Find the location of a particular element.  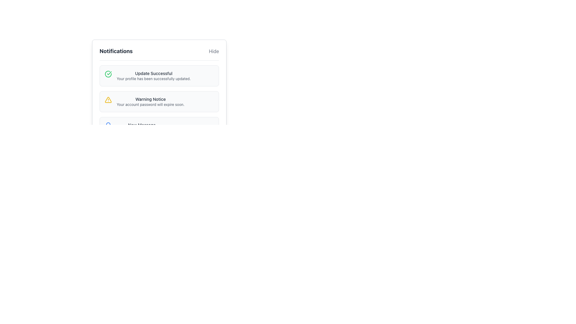

the static text informing the user about the impending expiration of their account password, located in the Notifications section beneath the 'Warning Notice' is located at coordinates (150, 104).